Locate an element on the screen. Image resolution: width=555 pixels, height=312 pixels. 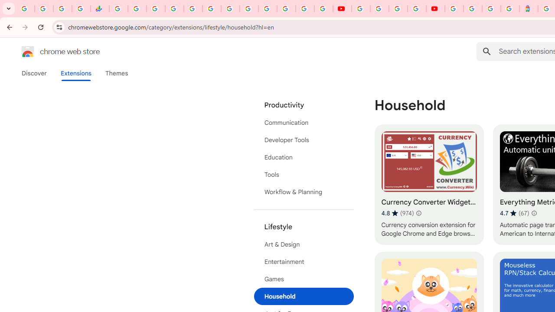
'Art & Design' is located at coordinates (304, 244).